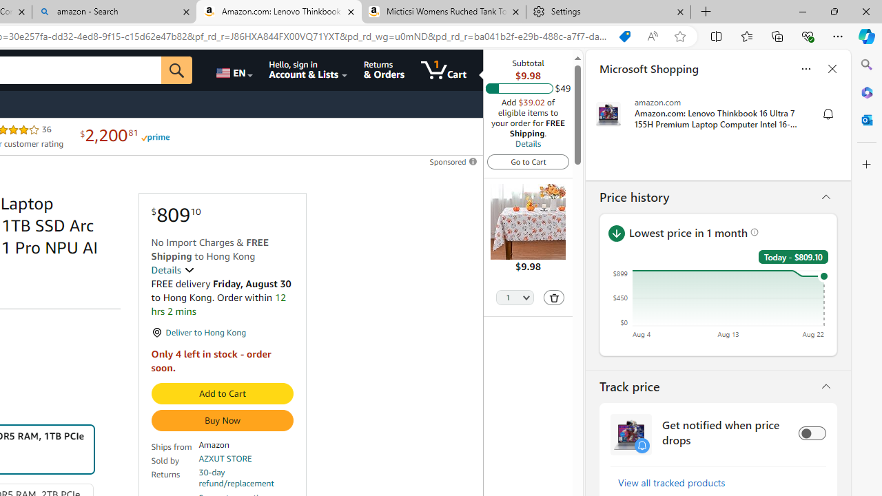 This screenshot has height=496, width=882. I want to click on 'Hello, sign in Account & Lists', so click(308, 70).